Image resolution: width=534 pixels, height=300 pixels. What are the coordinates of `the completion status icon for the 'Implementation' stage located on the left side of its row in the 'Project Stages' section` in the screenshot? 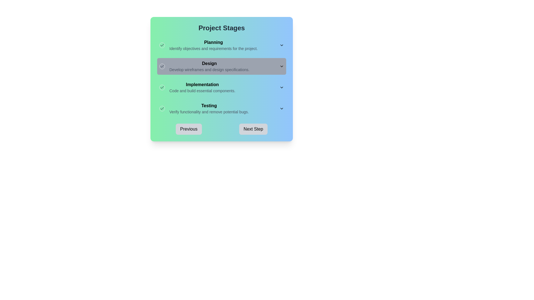 It's located at (162, 87).